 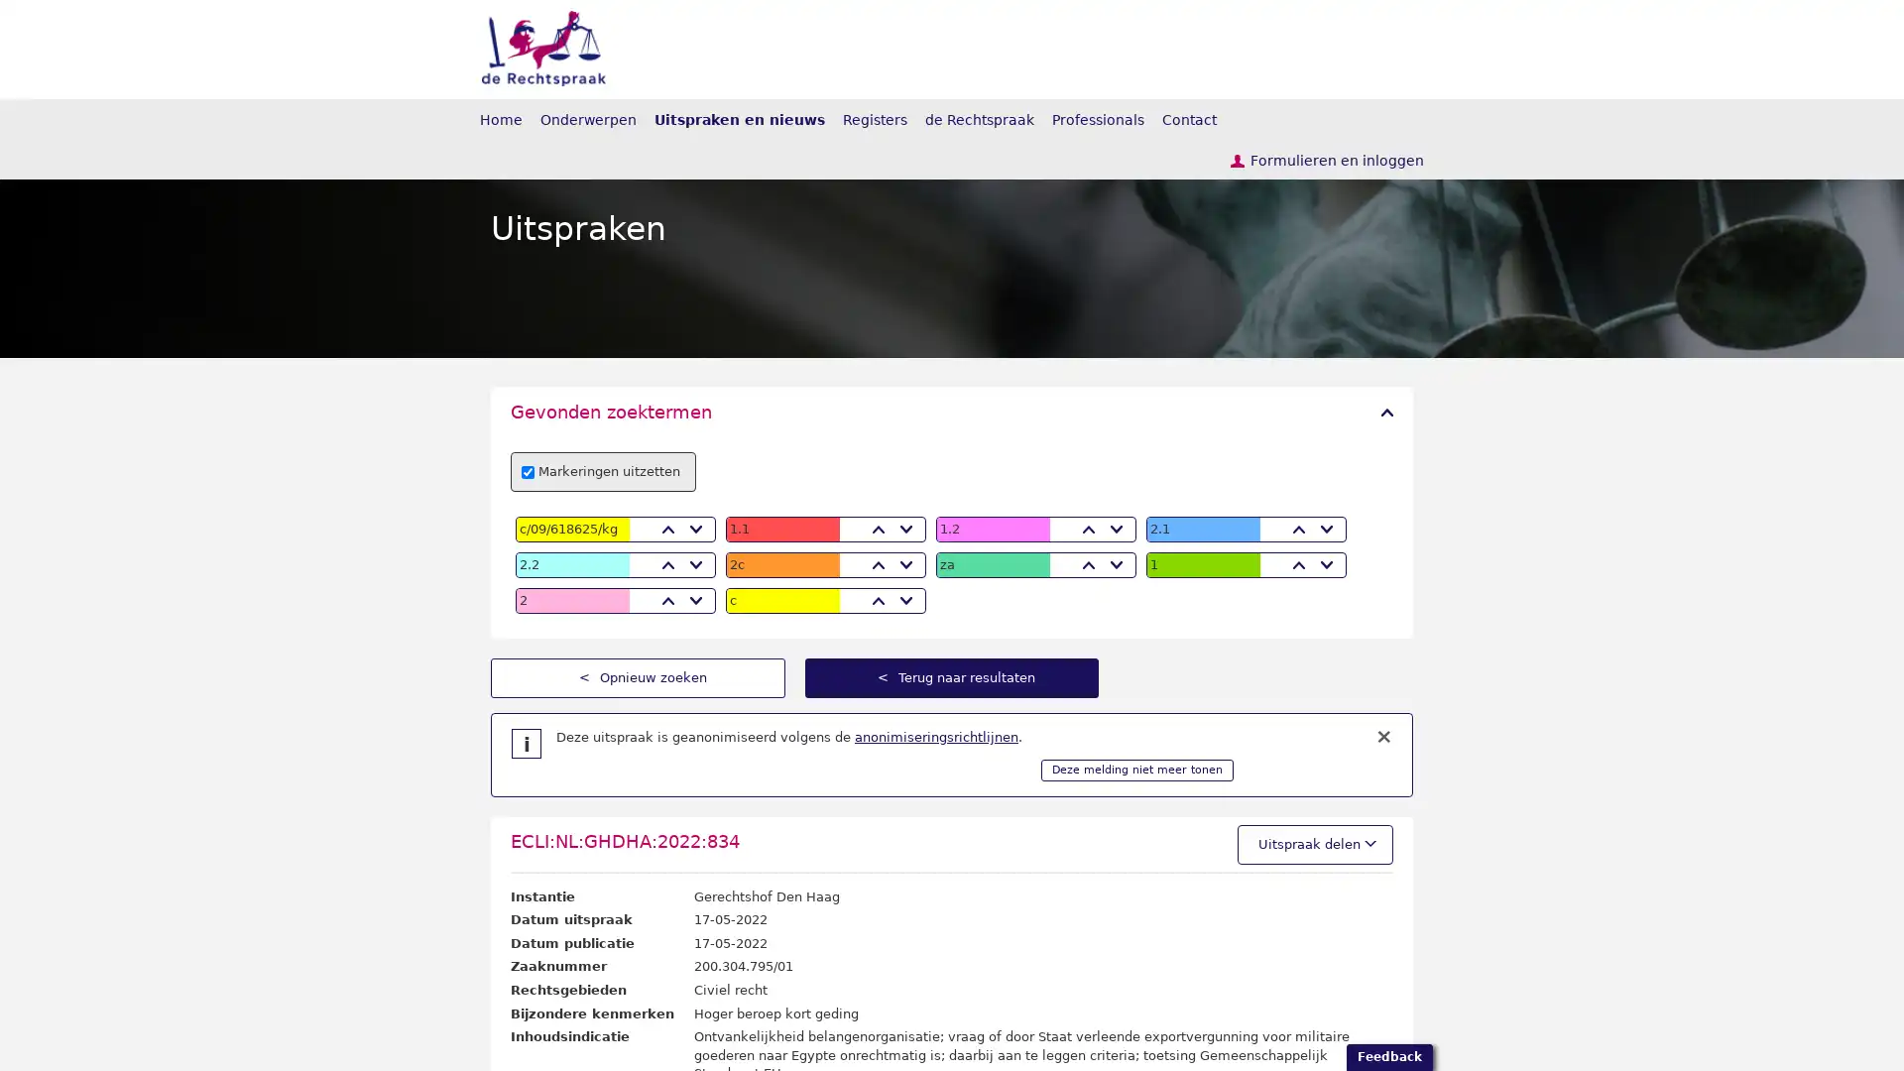 I want to click on Vorige zoek term, so click(x=878, y=599).